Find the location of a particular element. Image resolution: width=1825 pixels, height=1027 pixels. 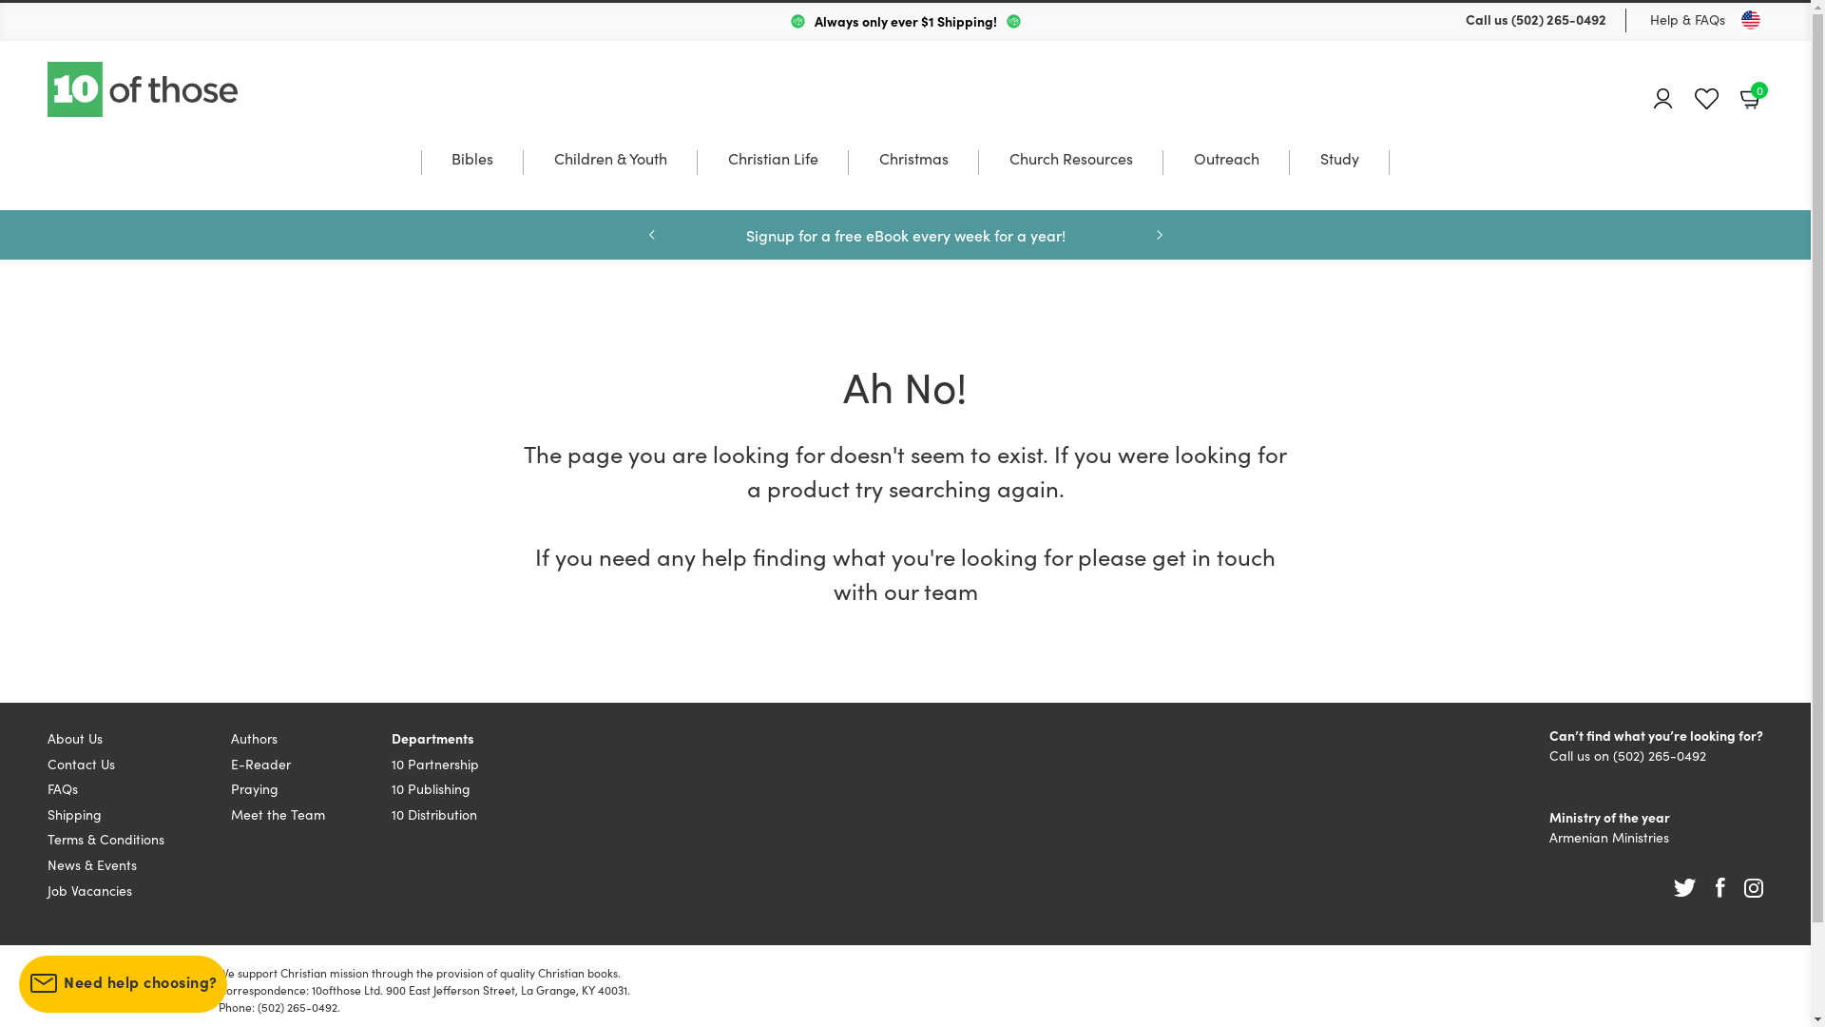

'Account' is located at coordinates (1662, 98).